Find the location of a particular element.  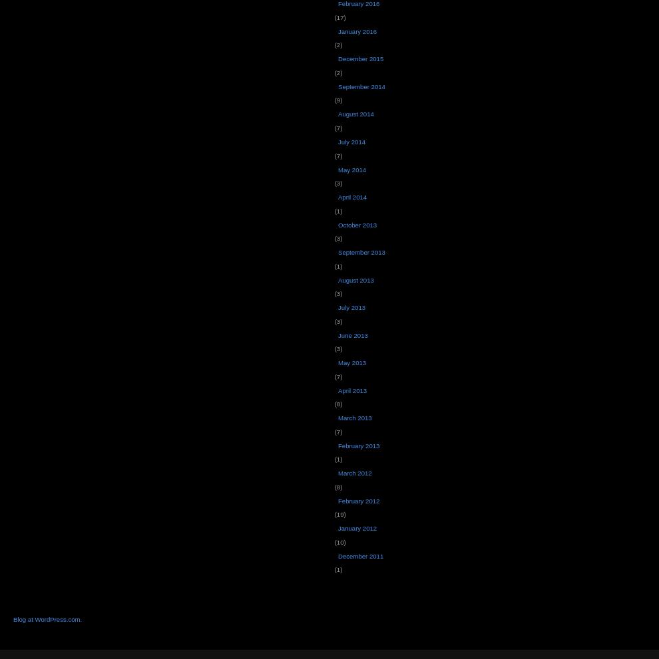

'August 2013' is located at coordinates (355, 279).